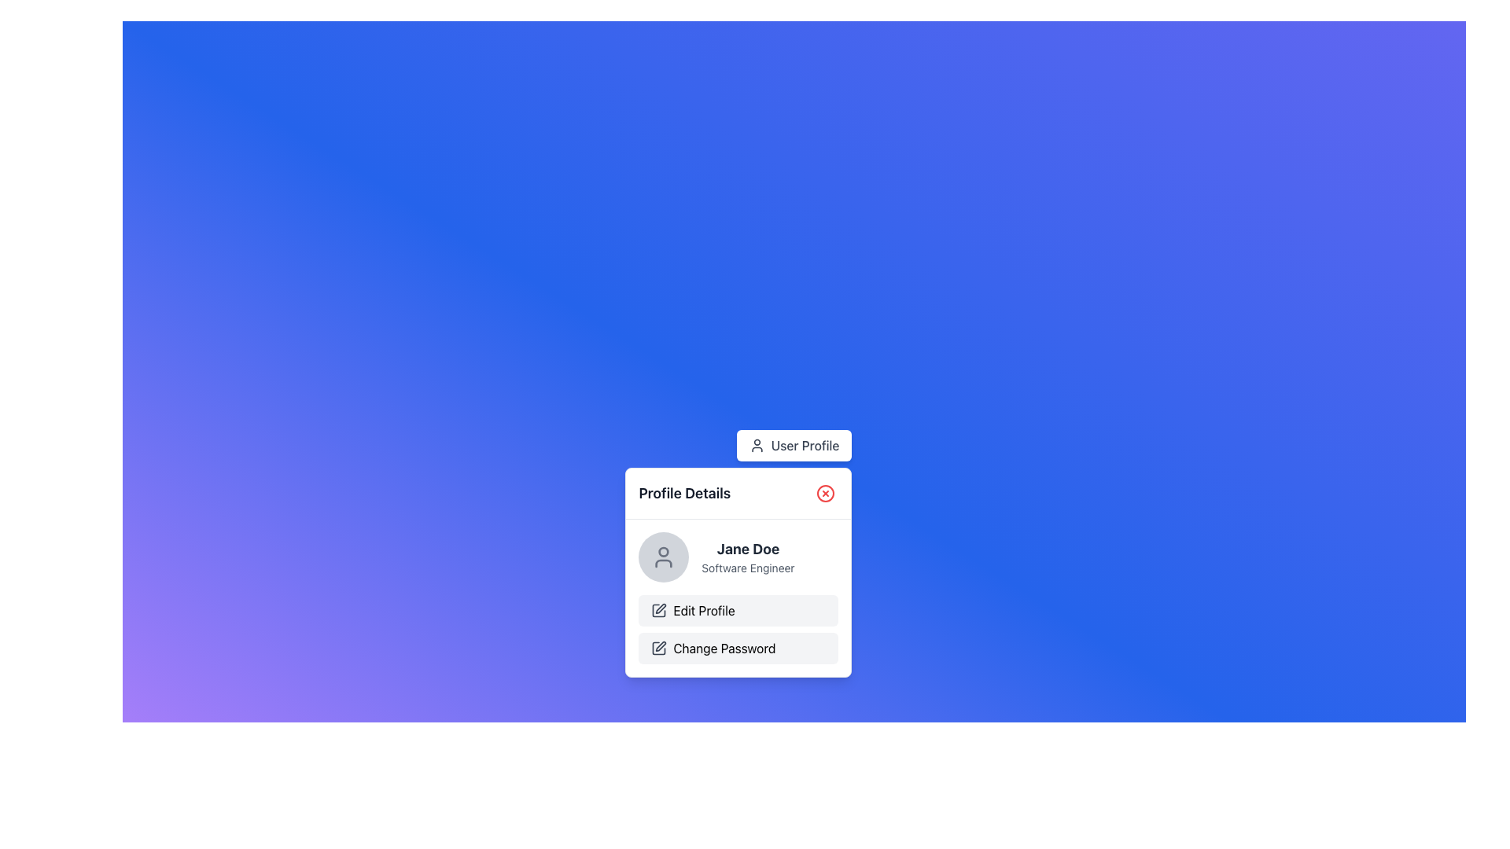 The image size is (1510, 849). I want to click on the navigation button located centrally at the top of the profile details section, so click(794, 446).